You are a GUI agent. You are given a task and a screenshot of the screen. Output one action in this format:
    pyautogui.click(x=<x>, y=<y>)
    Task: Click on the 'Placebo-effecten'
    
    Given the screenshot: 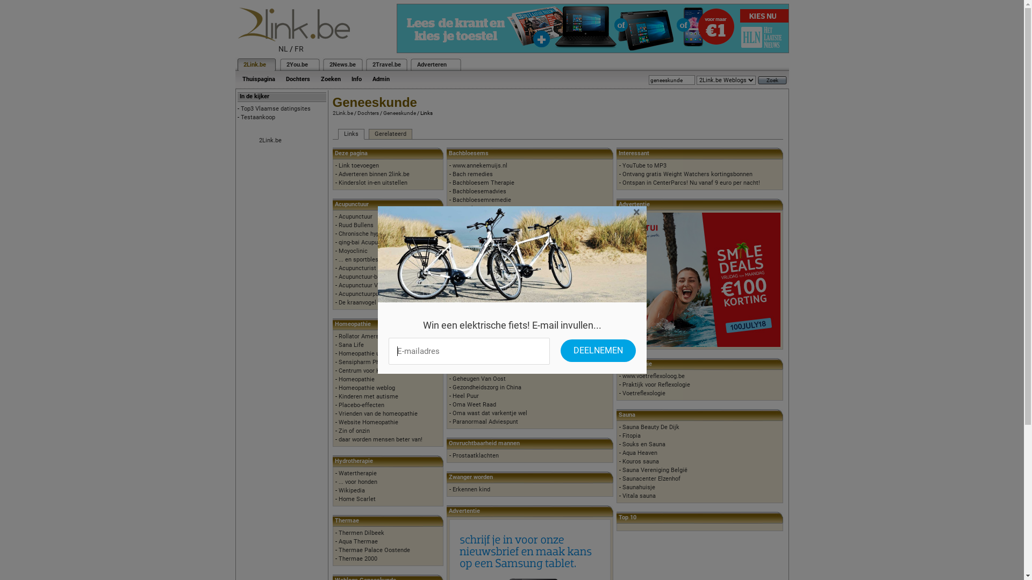 What is the action you would take?
    pyautogui.click(x=338, y=405)
    